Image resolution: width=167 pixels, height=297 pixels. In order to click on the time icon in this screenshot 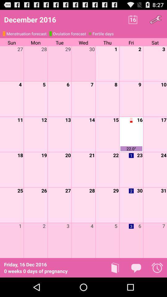, I will do `click(157, 286)`.